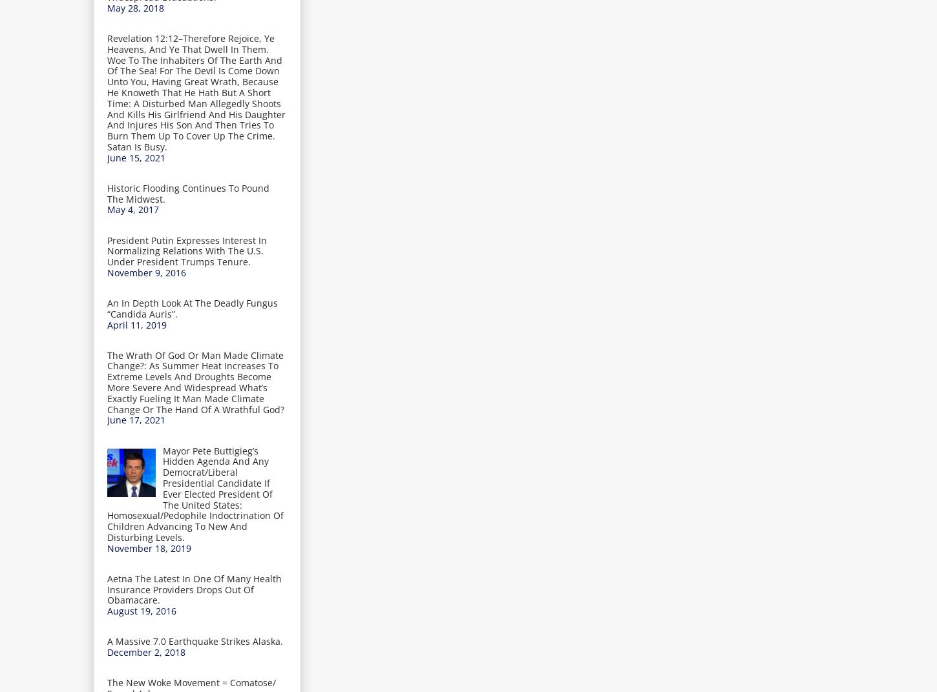  Describe the element at coordinates (145, 652) in the screenshot. I see `'December 2, 2018'` at that location.